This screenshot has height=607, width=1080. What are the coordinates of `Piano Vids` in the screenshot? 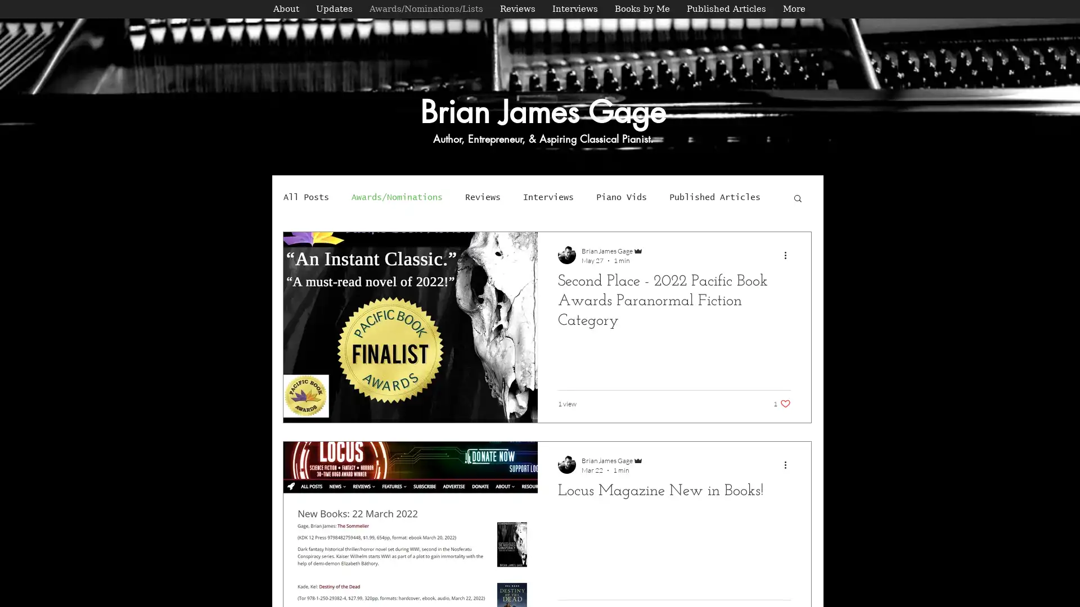 It's located at (620, 197).